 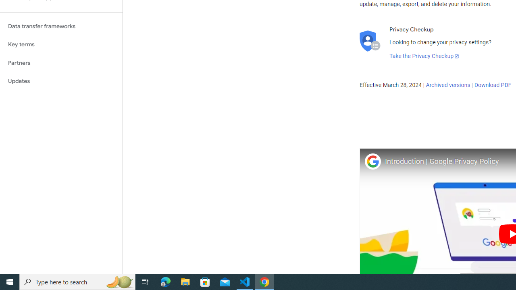 What do you see at coordinates (372, 161) in the screenshot?
I see `'Photo image of Google'` at bounding box center [372, 161].